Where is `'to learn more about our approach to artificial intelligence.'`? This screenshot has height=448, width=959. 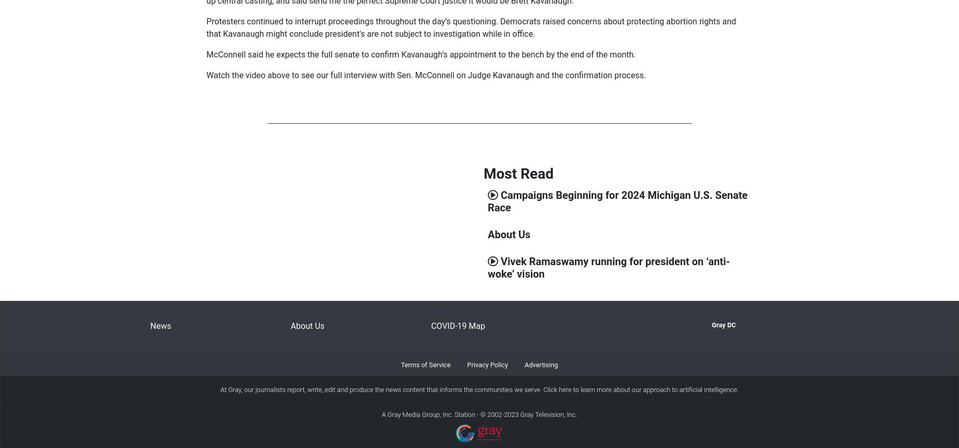
'to learn more about our approach to artificial intelligence.' is located at coordinates (654, 389).